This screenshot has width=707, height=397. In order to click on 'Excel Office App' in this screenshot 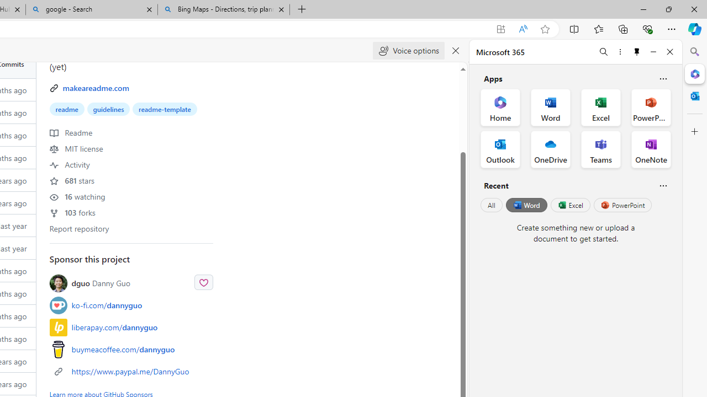, I will do `click(600, 108)`.